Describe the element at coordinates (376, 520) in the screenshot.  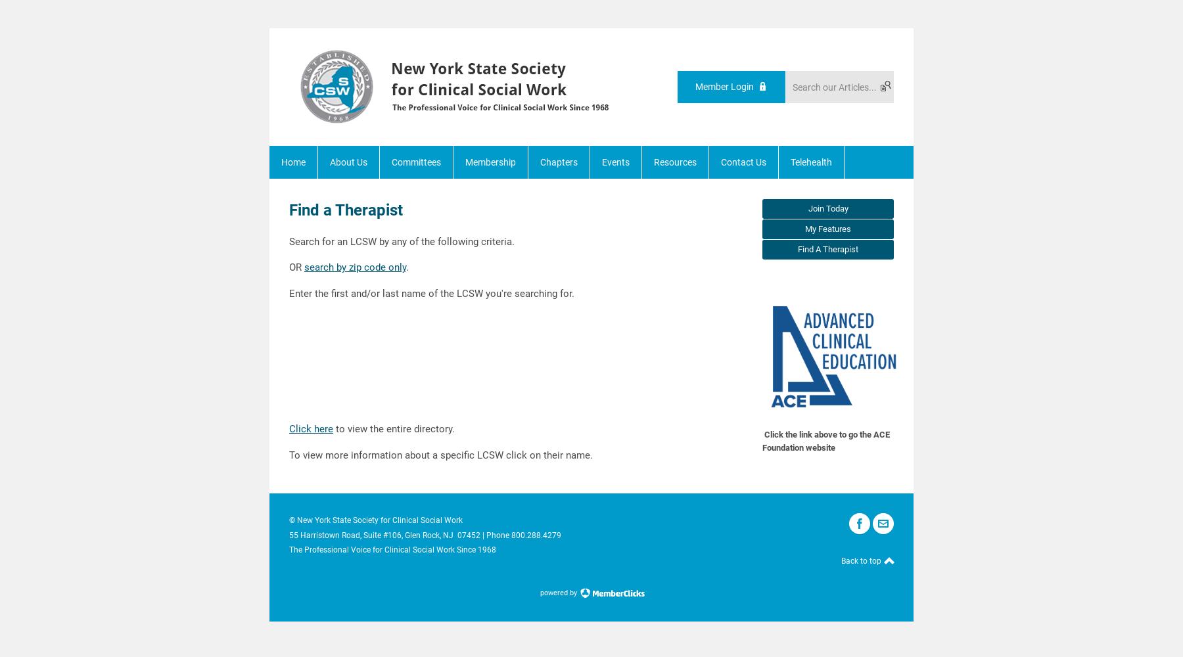
I see `'© New York State Society for Clinical Social Work'` at that location.